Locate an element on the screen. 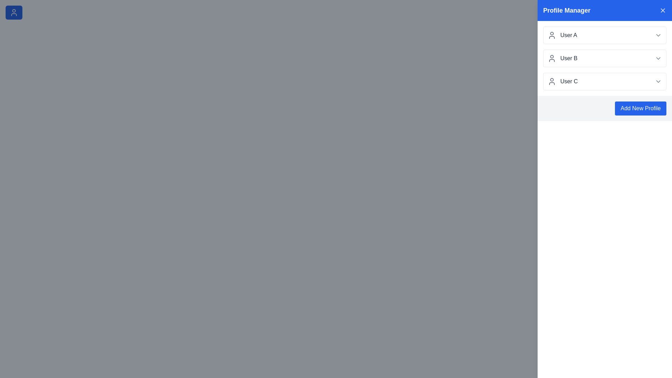  the 'User A' text label, which is bold and dark gray, positioned next to a user profile icon in the Profile Manager's list of profiles is located at coordinates (569, 35).